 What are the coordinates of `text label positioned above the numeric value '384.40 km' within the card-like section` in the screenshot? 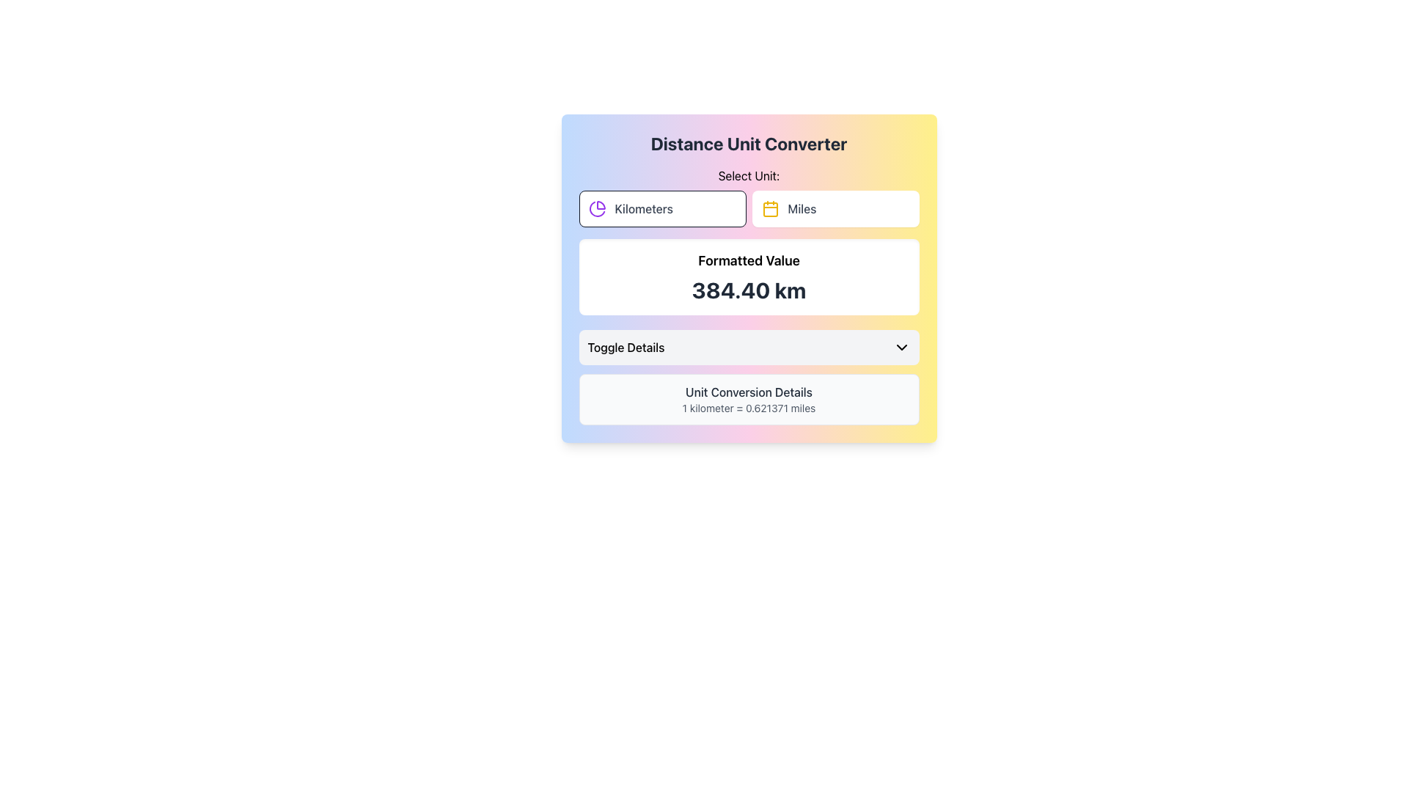 It's located at (749, 260).